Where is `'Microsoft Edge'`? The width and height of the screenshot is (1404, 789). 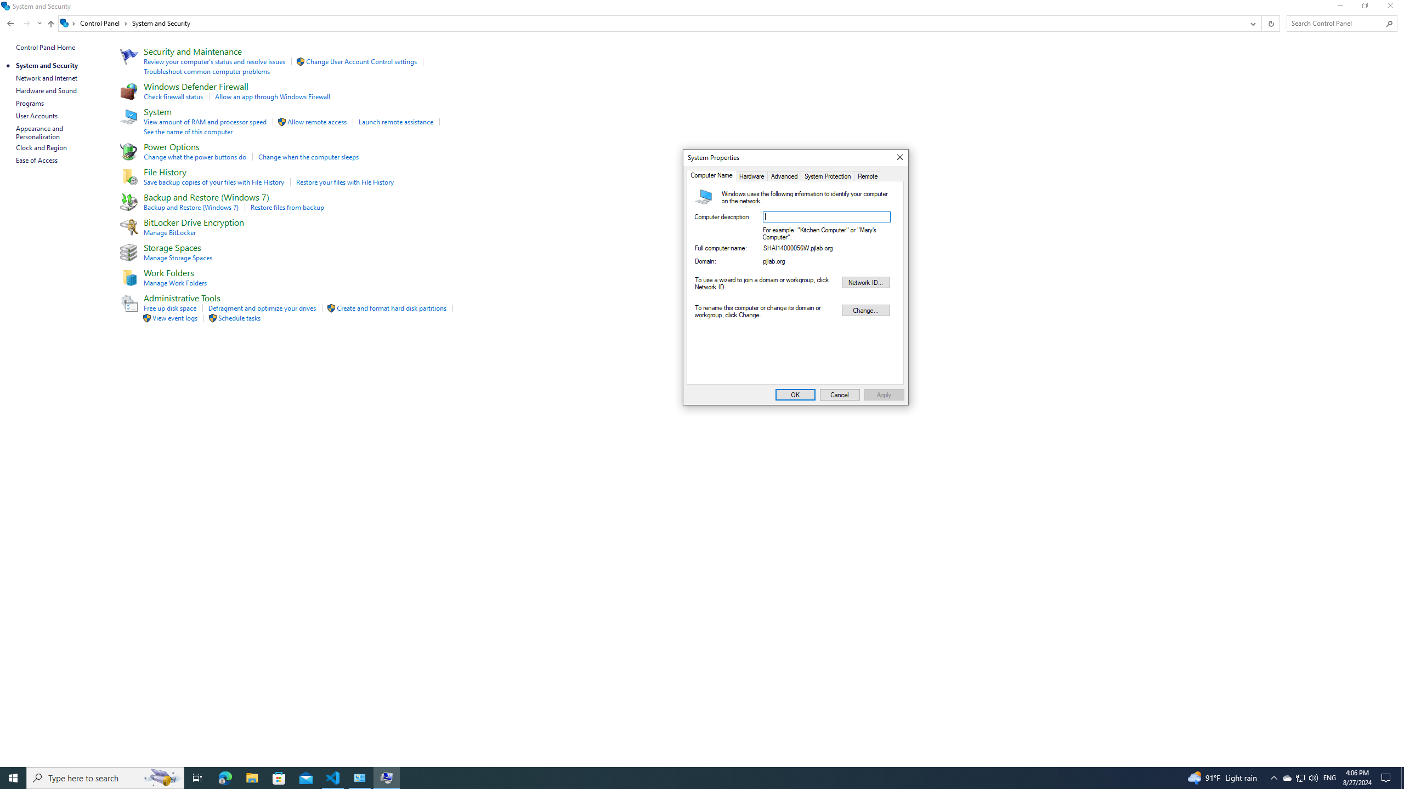
'Microsoft Edge' is located at coordinates (224, 777).